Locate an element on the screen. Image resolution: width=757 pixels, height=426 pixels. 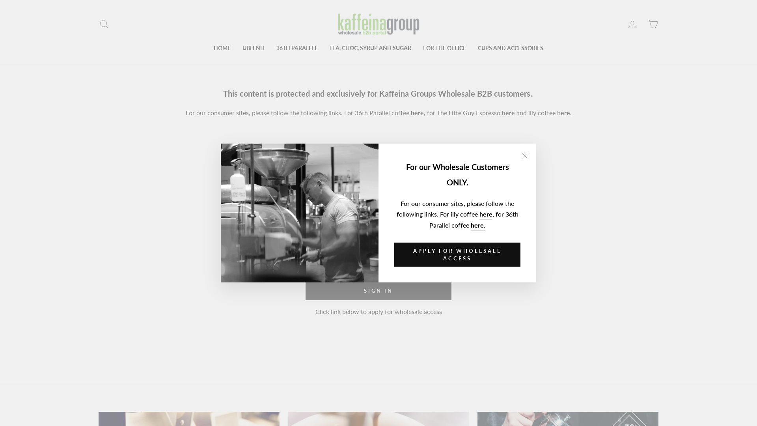
'UBLEND' is located at coordinates (236, 48).